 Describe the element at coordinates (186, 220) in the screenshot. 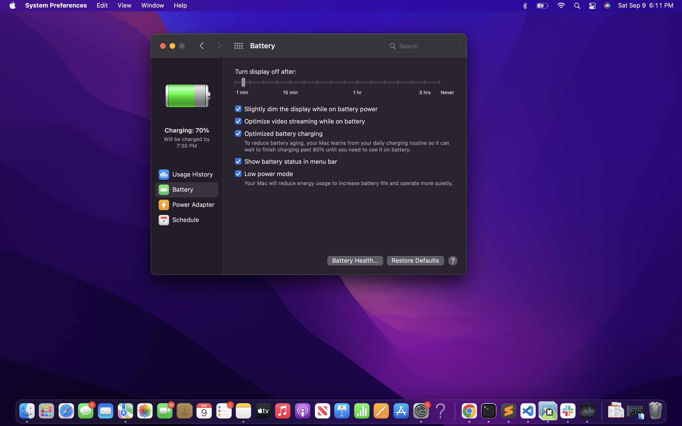

I see `the option to schedule the Mac booting` at that location.